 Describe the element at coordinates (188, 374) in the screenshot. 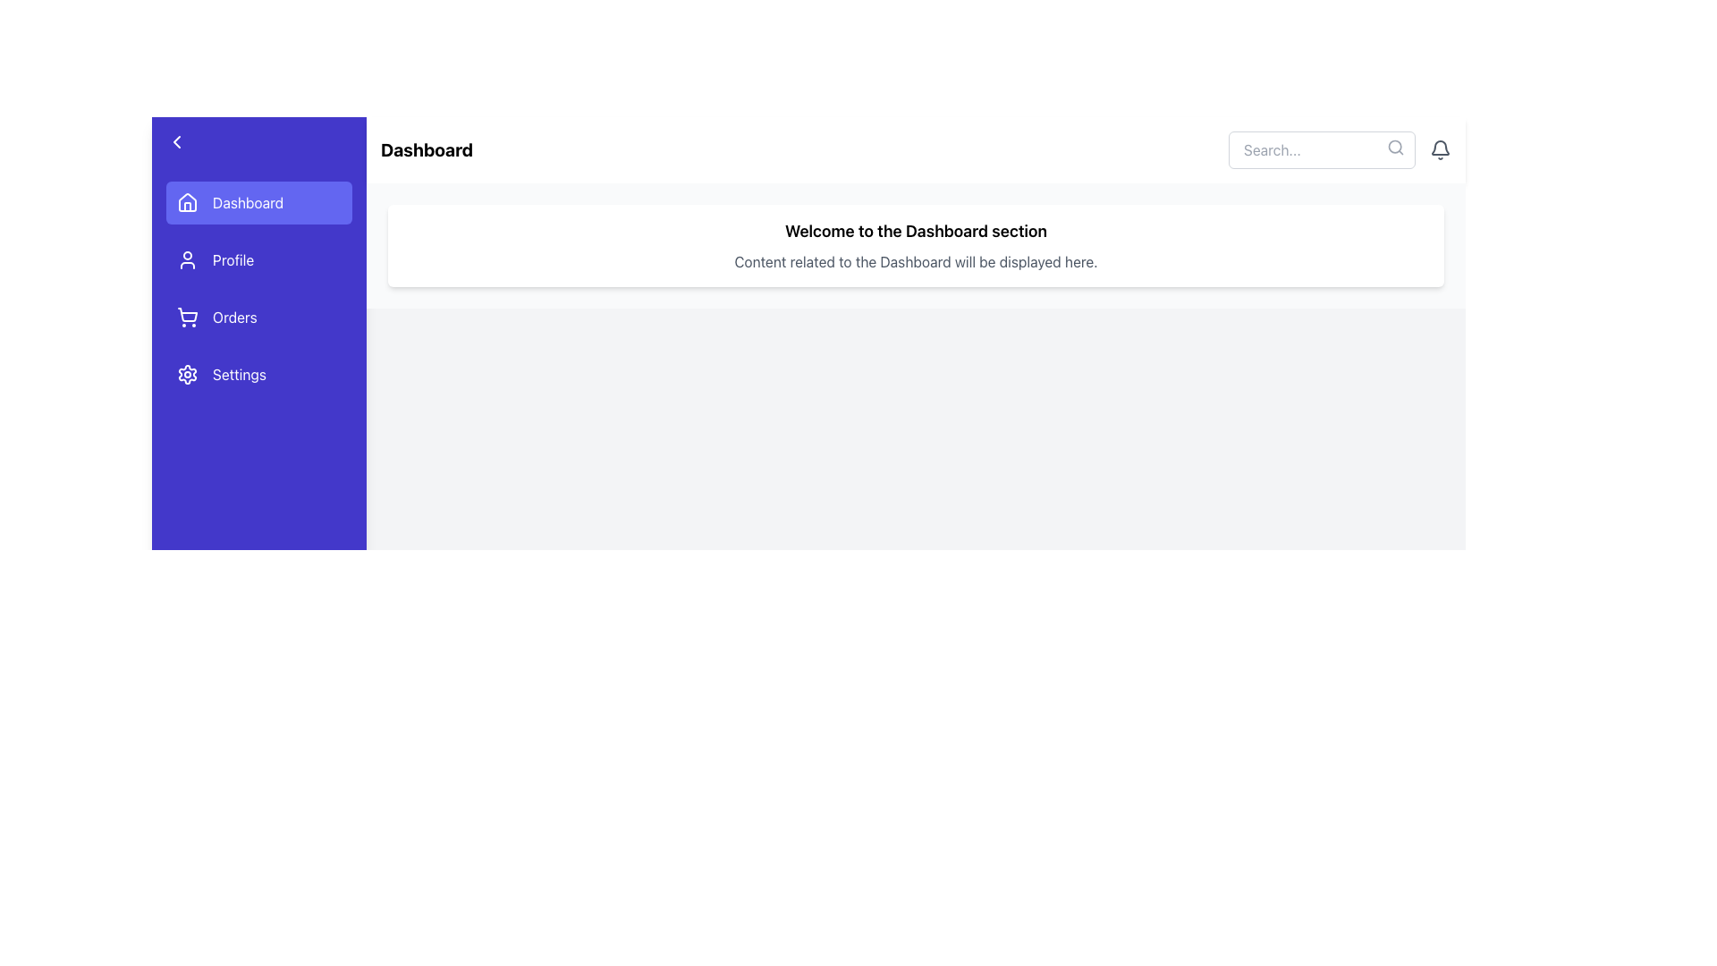

I see `the gear icon located within the 'Settings' menu option on the left vertical navigation bar, characterized by its circular shape with teeth and purple color` at that location.